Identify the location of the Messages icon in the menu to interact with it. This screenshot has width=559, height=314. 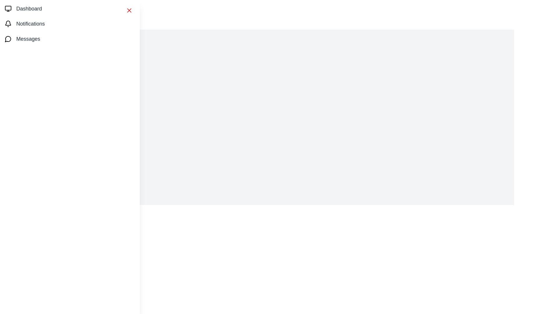
(8, 39).